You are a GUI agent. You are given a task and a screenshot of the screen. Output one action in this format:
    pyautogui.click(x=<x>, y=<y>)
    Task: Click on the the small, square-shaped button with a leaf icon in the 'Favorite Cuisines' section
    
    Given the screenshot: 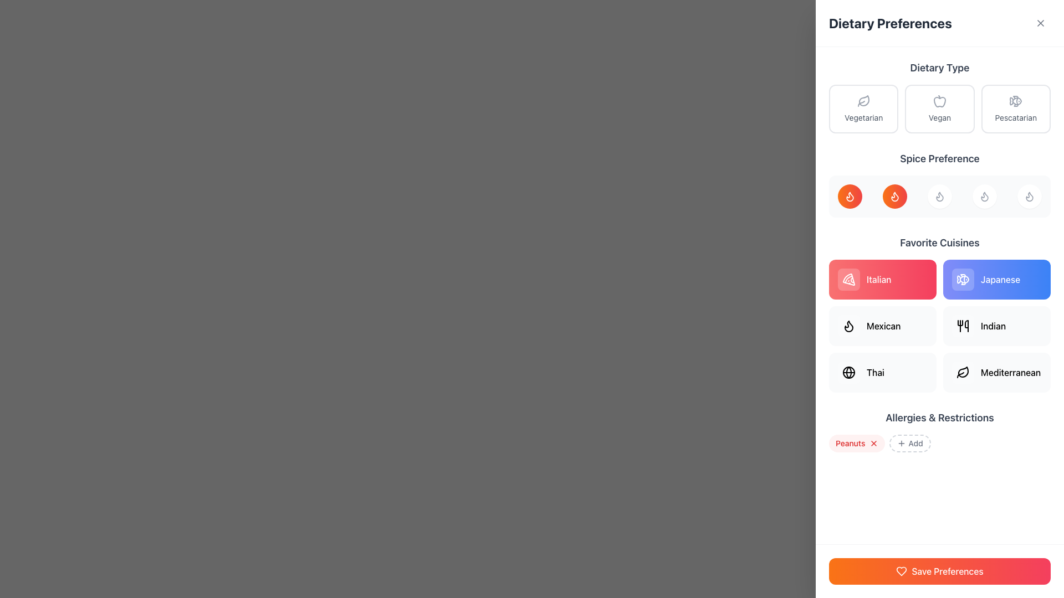 What is the action you would take?
    pyautogui.click(x=962, y=372)
    